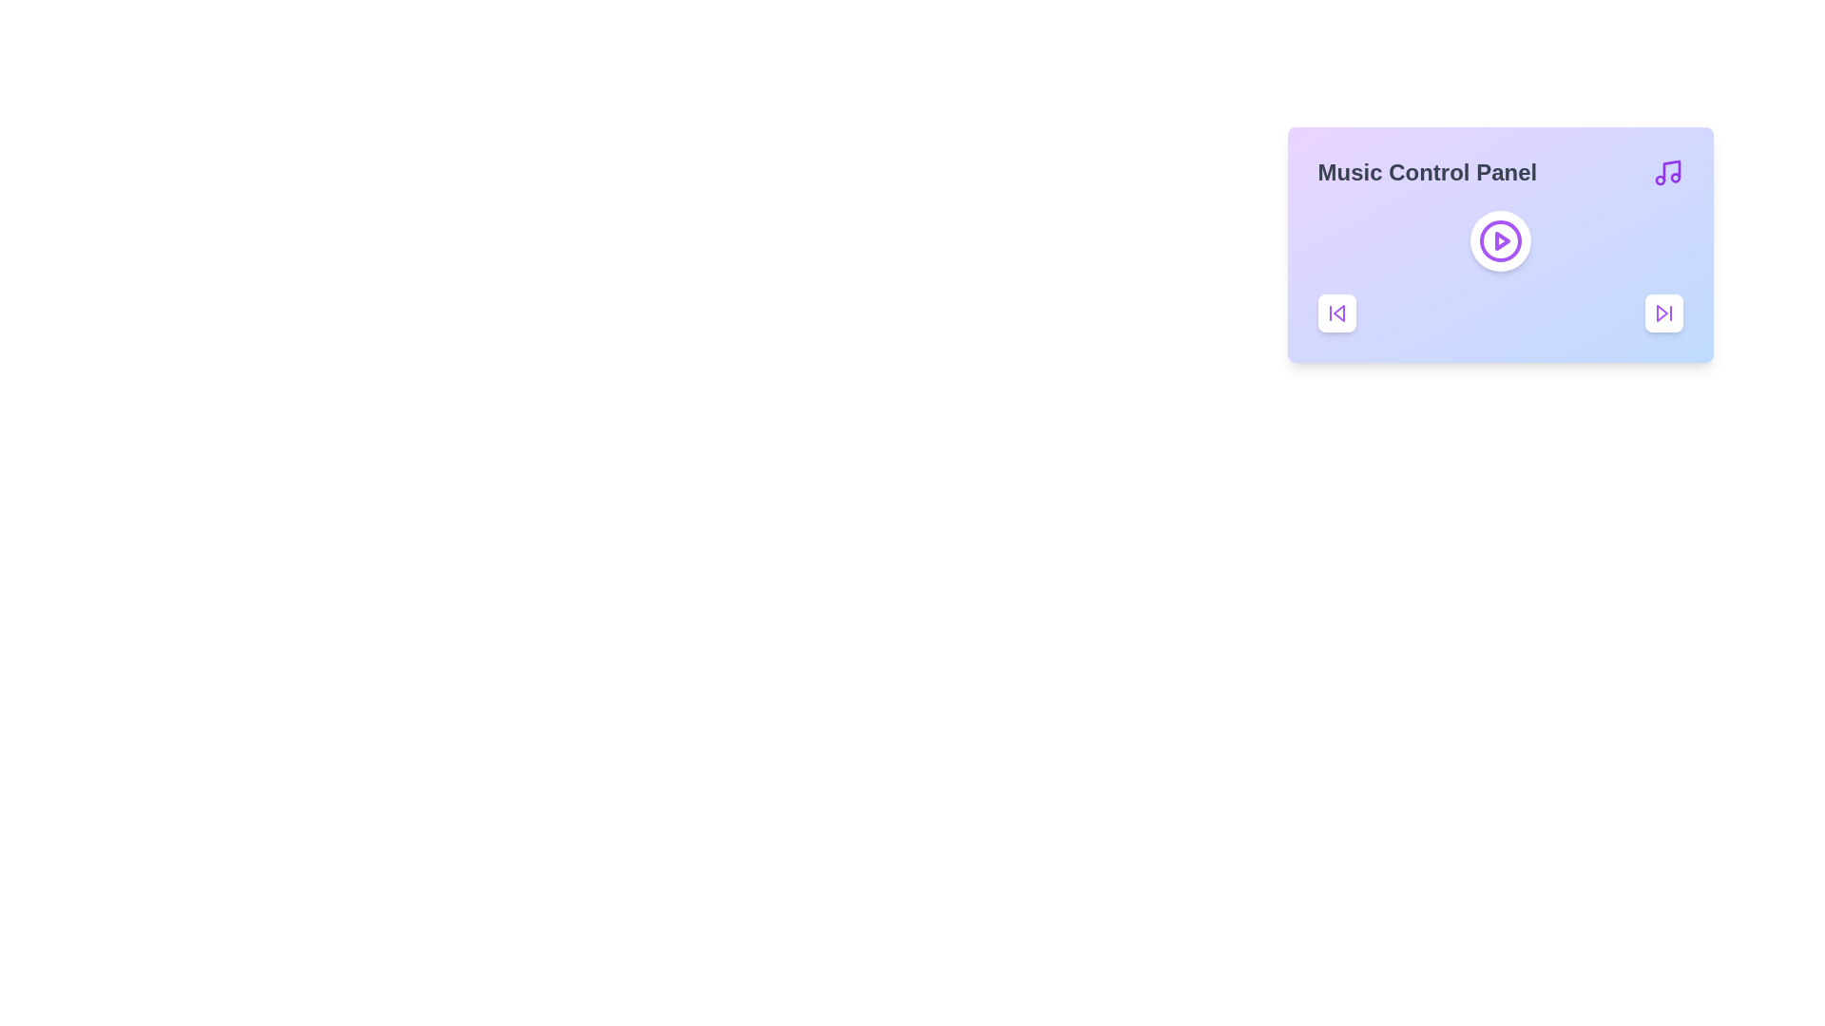 This screenshot has width=1825, height=1026. Describe the element at coordinates (1662, 313) in the screenshot. I see `the skip-forward button with a purple outline and light white fill, located at the bottom-right corner of the music control panel to visually highlight it` at that location.